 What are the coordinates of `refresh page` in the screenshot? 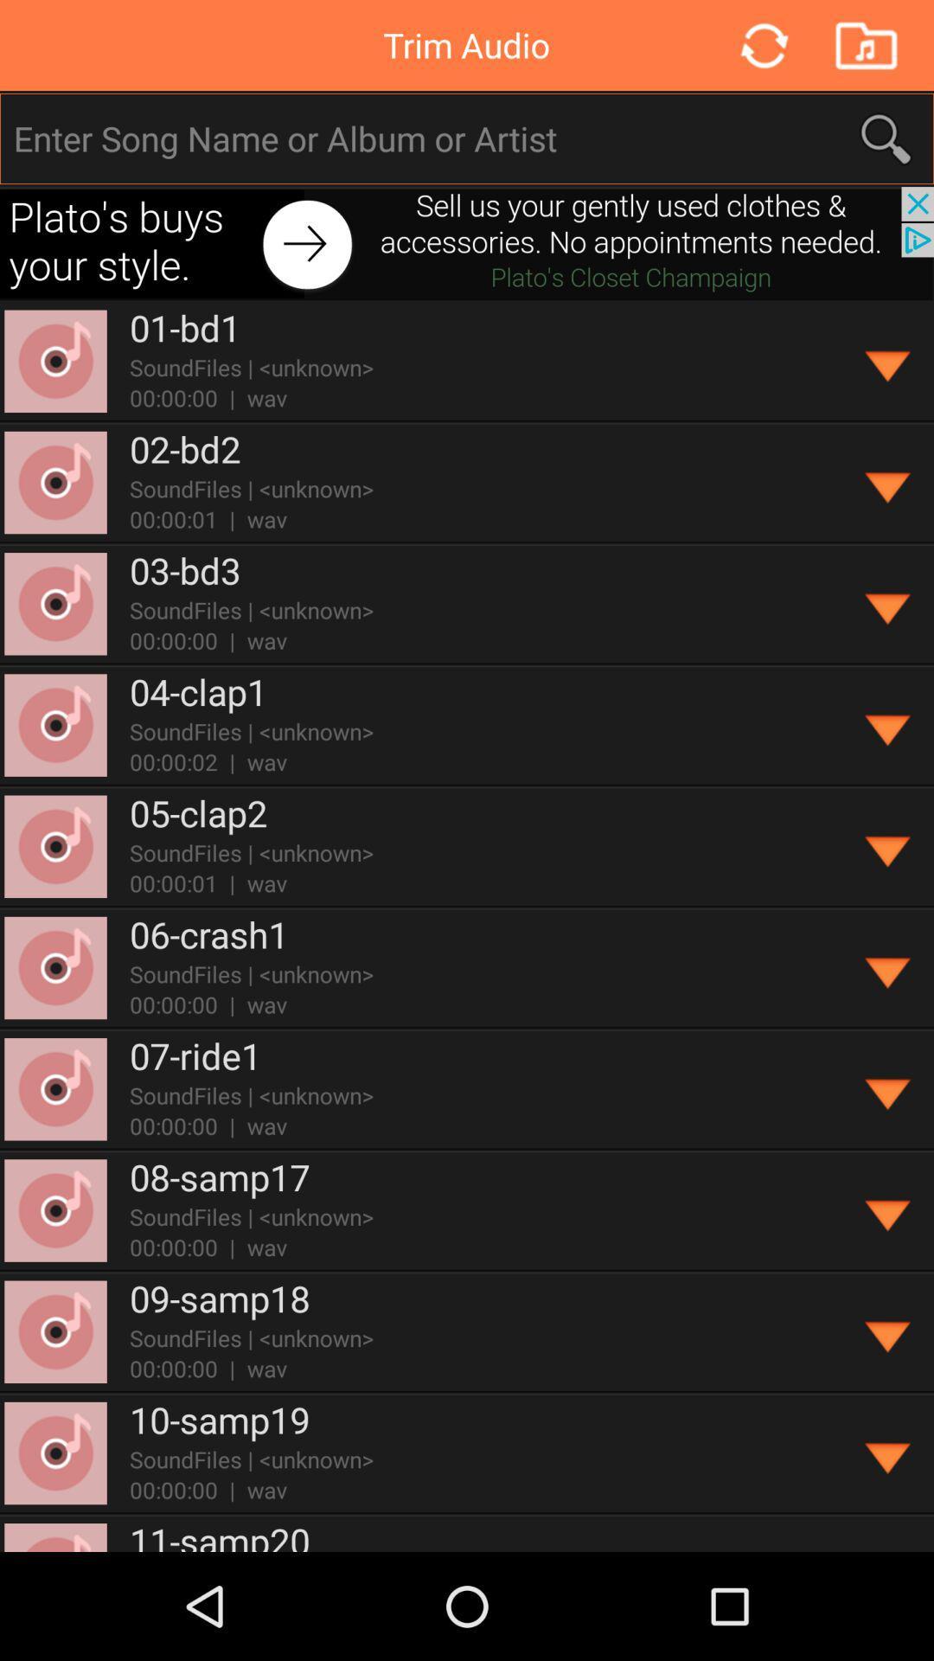 It's located at (762, 45).